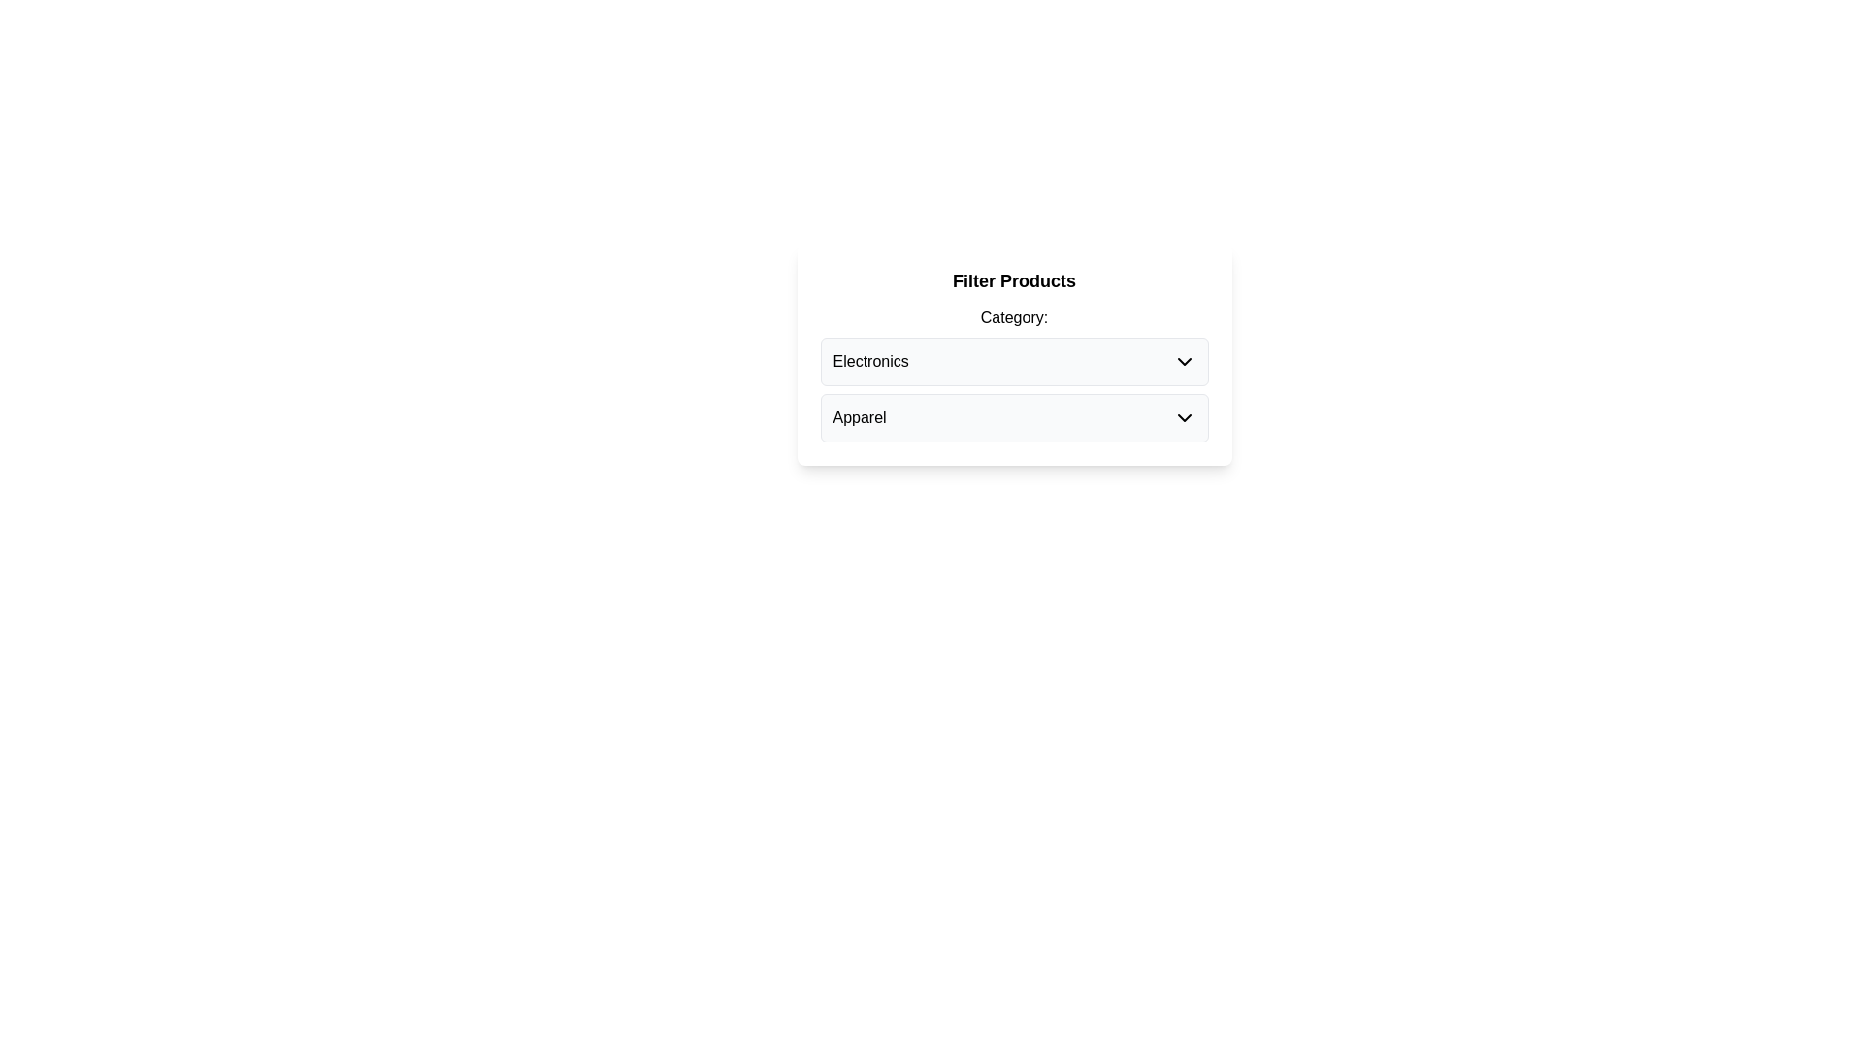  Describe the element at coordinates (1183, 362) in the screenshot. I see `the Dropdown toggle icon located at the rightmost side of the 'Electronics' category` at that location.